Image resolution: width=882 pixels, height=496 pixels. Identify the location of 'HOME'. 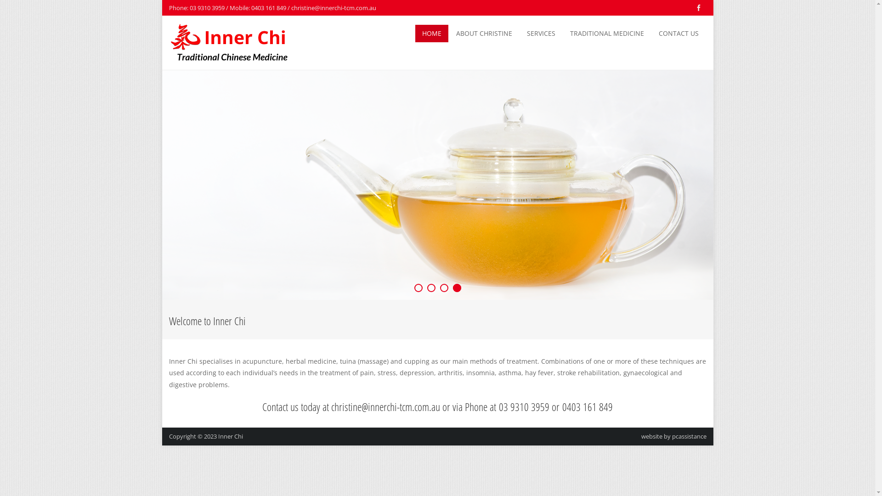
(414, 33).